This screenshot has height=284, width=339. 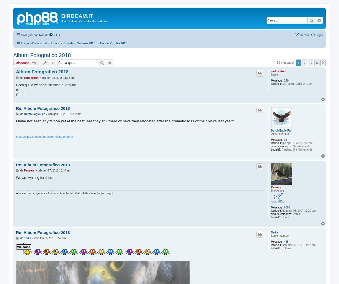 I want to click on 'I have not seen any falcon yet at the nest. Are they still there or have they relocated after the dramatic loss of the chicks last year?', so click(x=125, y=121).